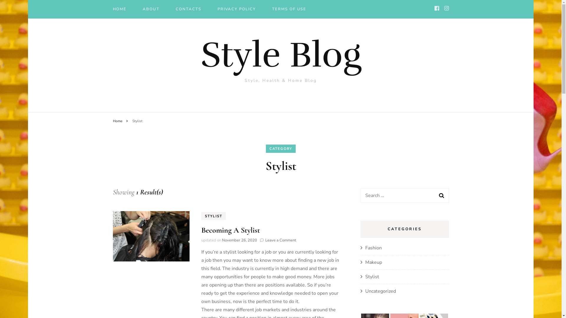  What do you see at coordinates (365, 291) in the screenshot?
I see `'Uncategorized'` at bounding box center [365, 291].